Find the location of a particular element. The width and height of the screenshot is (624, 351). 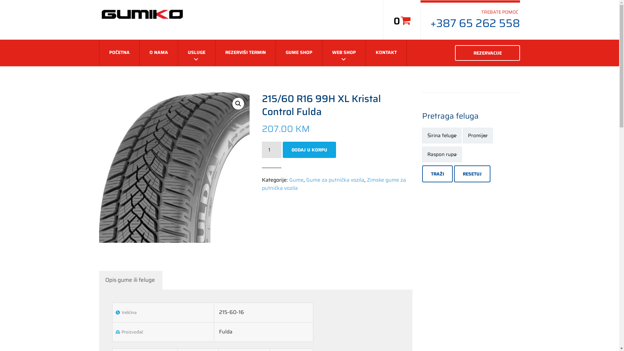

'WEB SHOP' is located at coordinates (343, 52).